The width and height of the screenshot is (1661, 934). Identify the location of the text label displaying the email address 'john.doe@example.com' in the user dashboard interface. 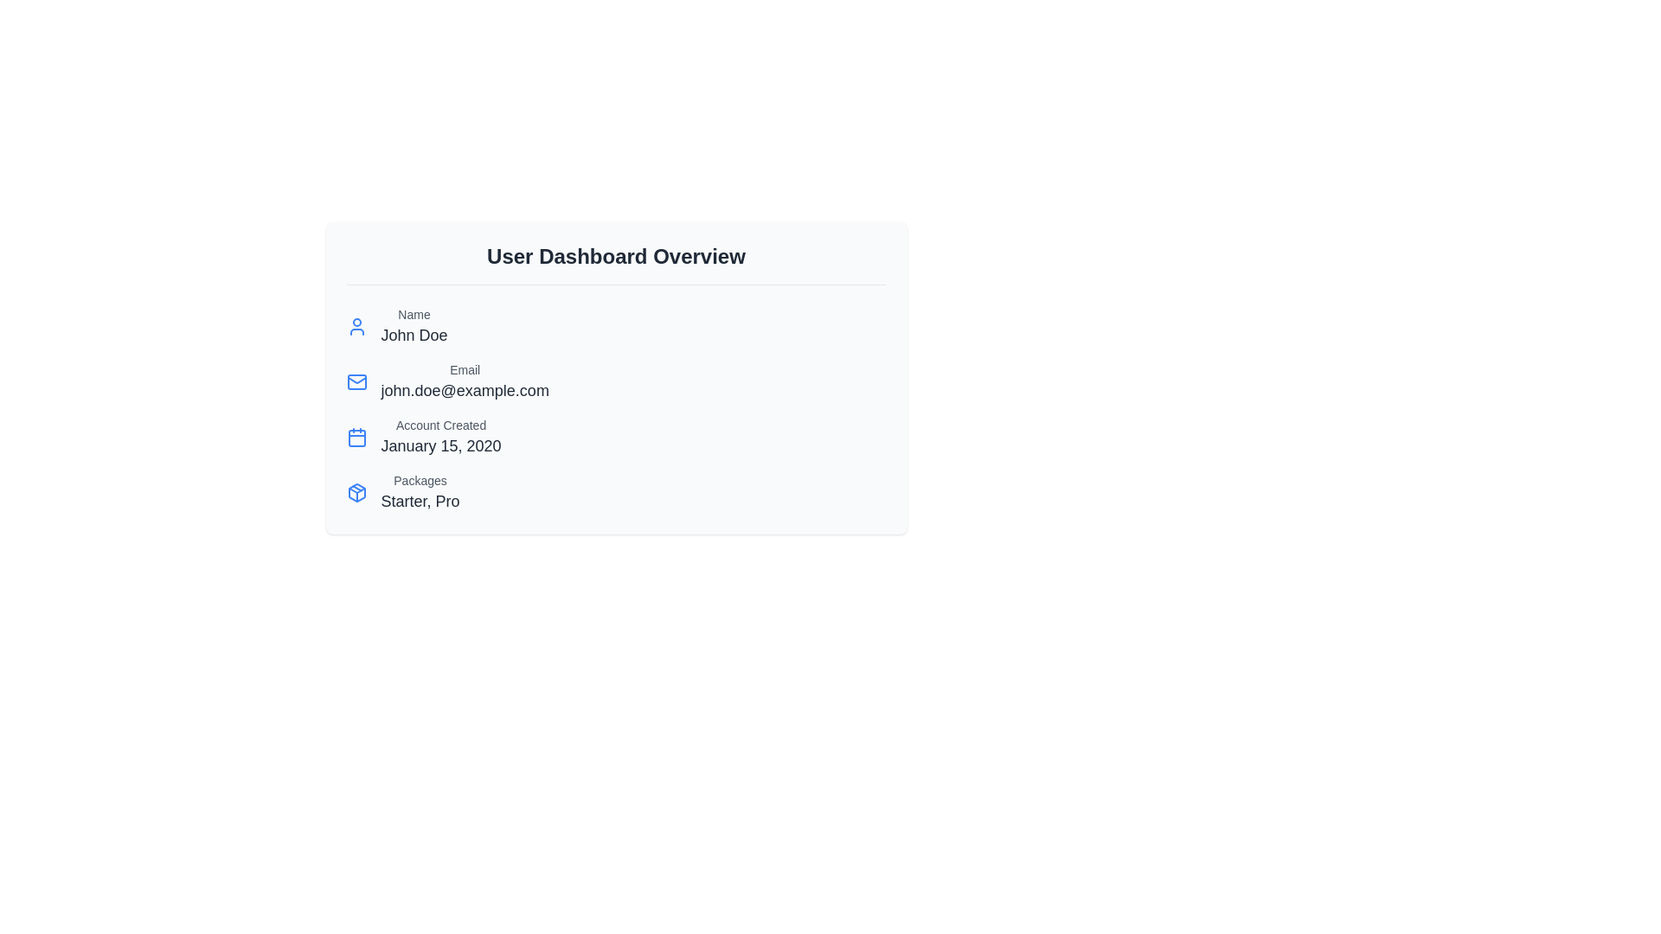
(465, 390).